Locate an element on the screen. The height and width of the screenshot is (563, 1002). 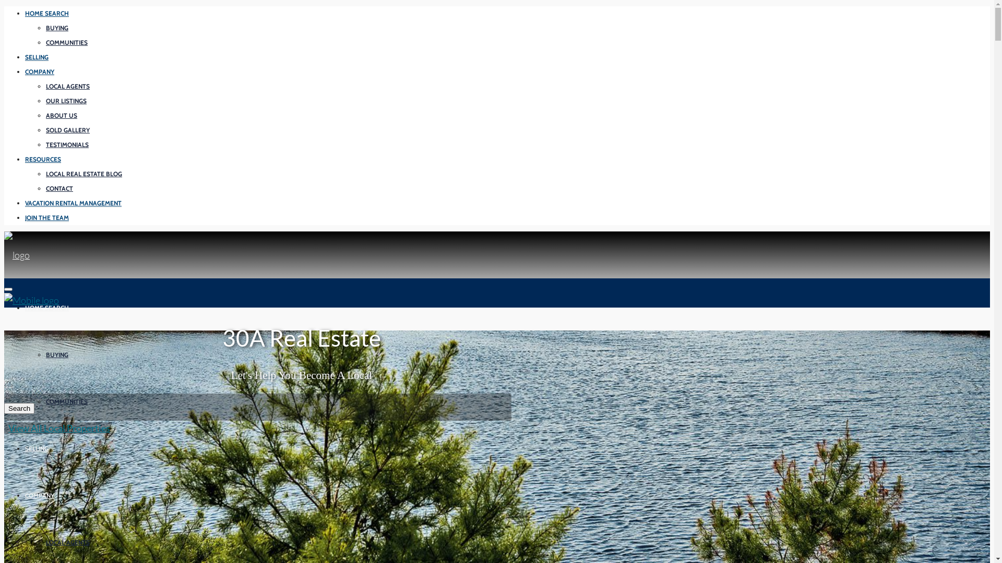
'HOME SEARCH' is located at coordinates (46, 307).